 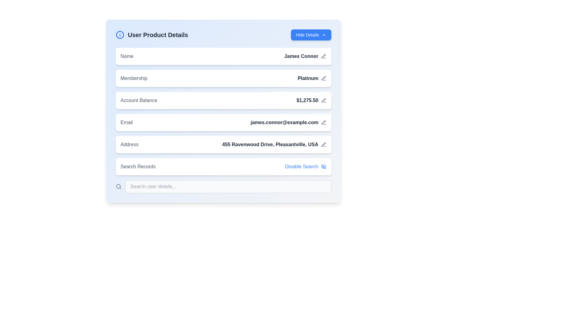 What do you see at coordinates (323, 35) in the screenshot?
I see `the chevron icon located to the right of the 'Hide Details' button` at bounding box center [323, 35].